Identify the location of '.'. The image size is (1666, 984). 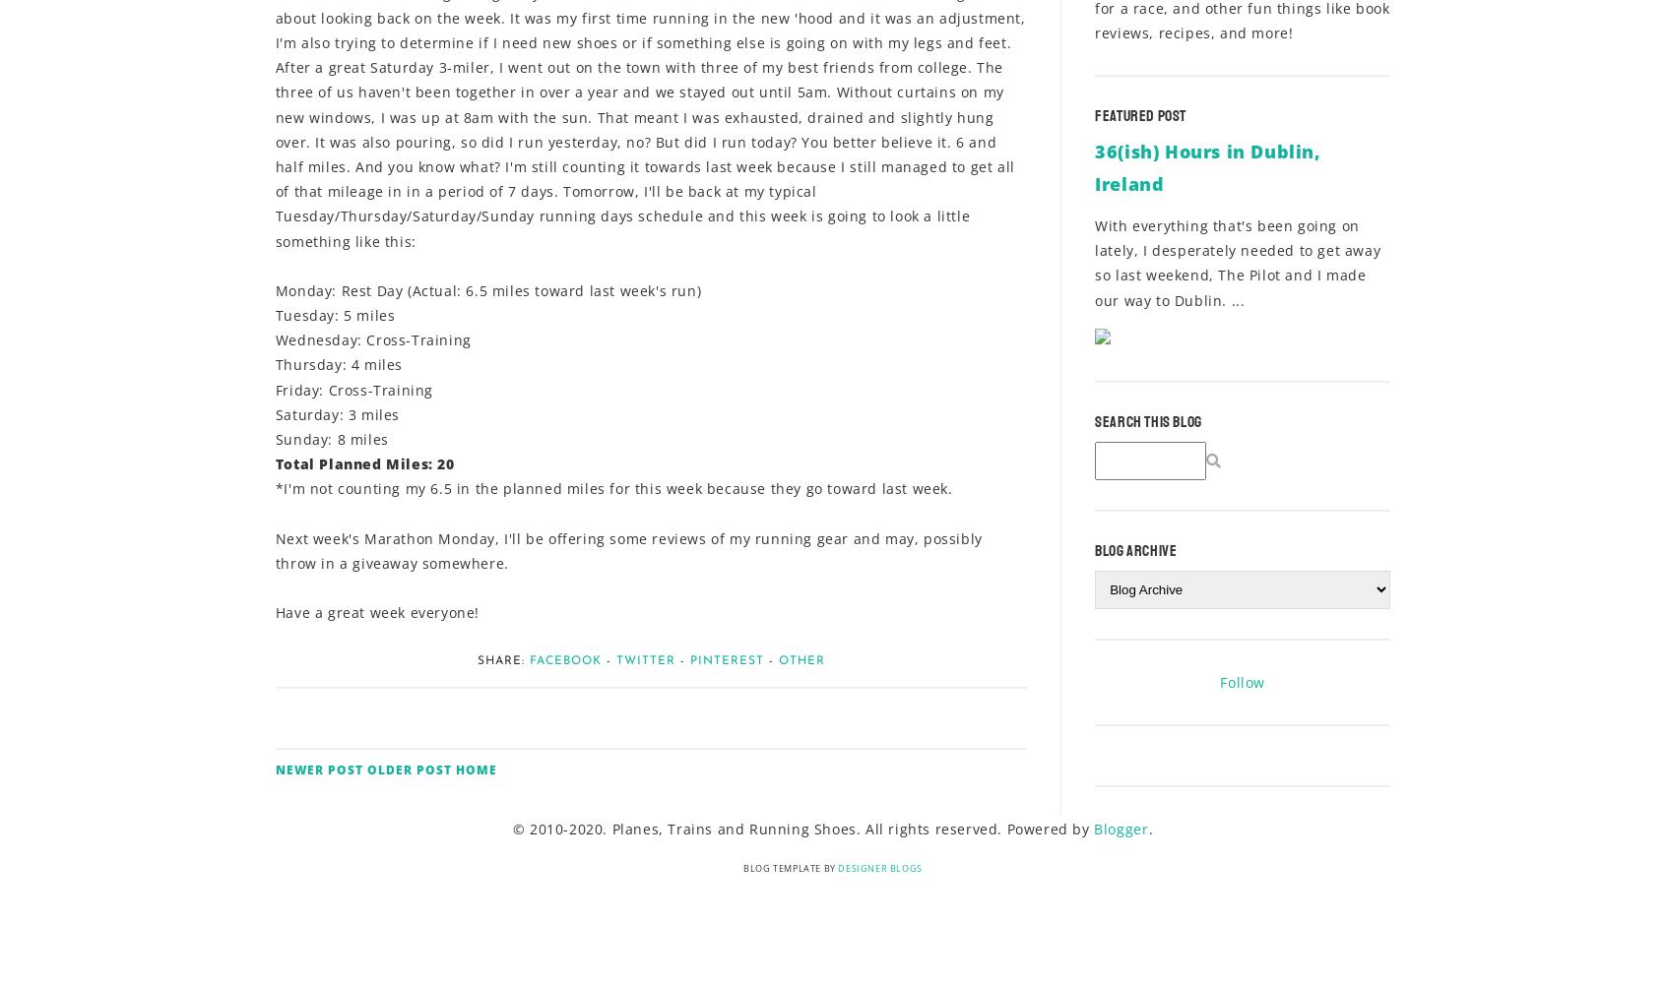
(1149, 828).